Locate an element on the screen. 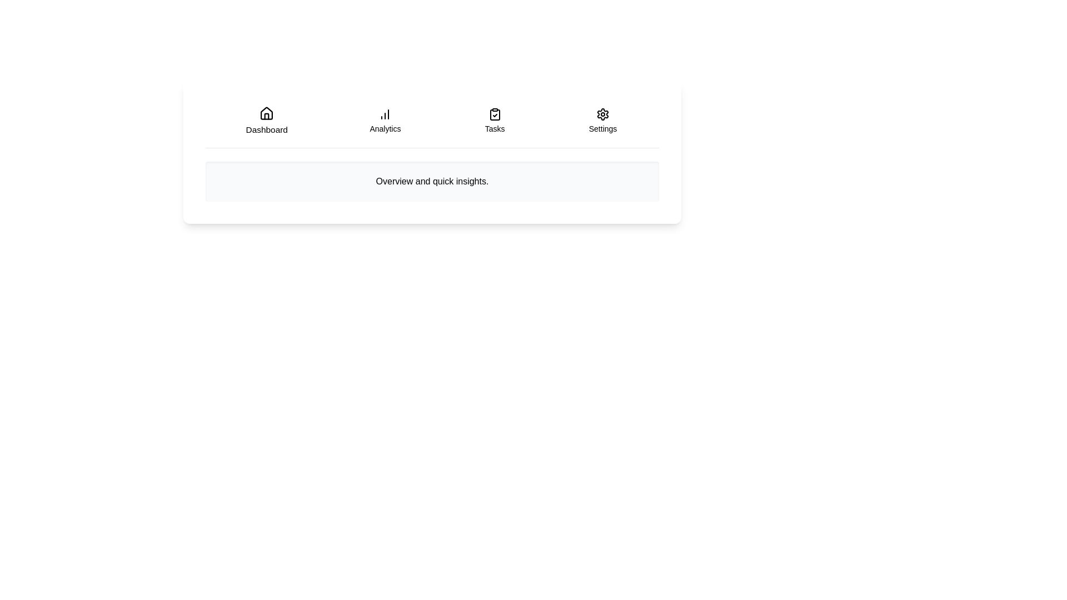 The width and height of the screenshot is (1067, 600). the settings button located at the end of the options row, which includes 'Dashboard', 'Analytics', and 'Tasks', positioned near the top center of the interface is located at coordinates (602, 121).